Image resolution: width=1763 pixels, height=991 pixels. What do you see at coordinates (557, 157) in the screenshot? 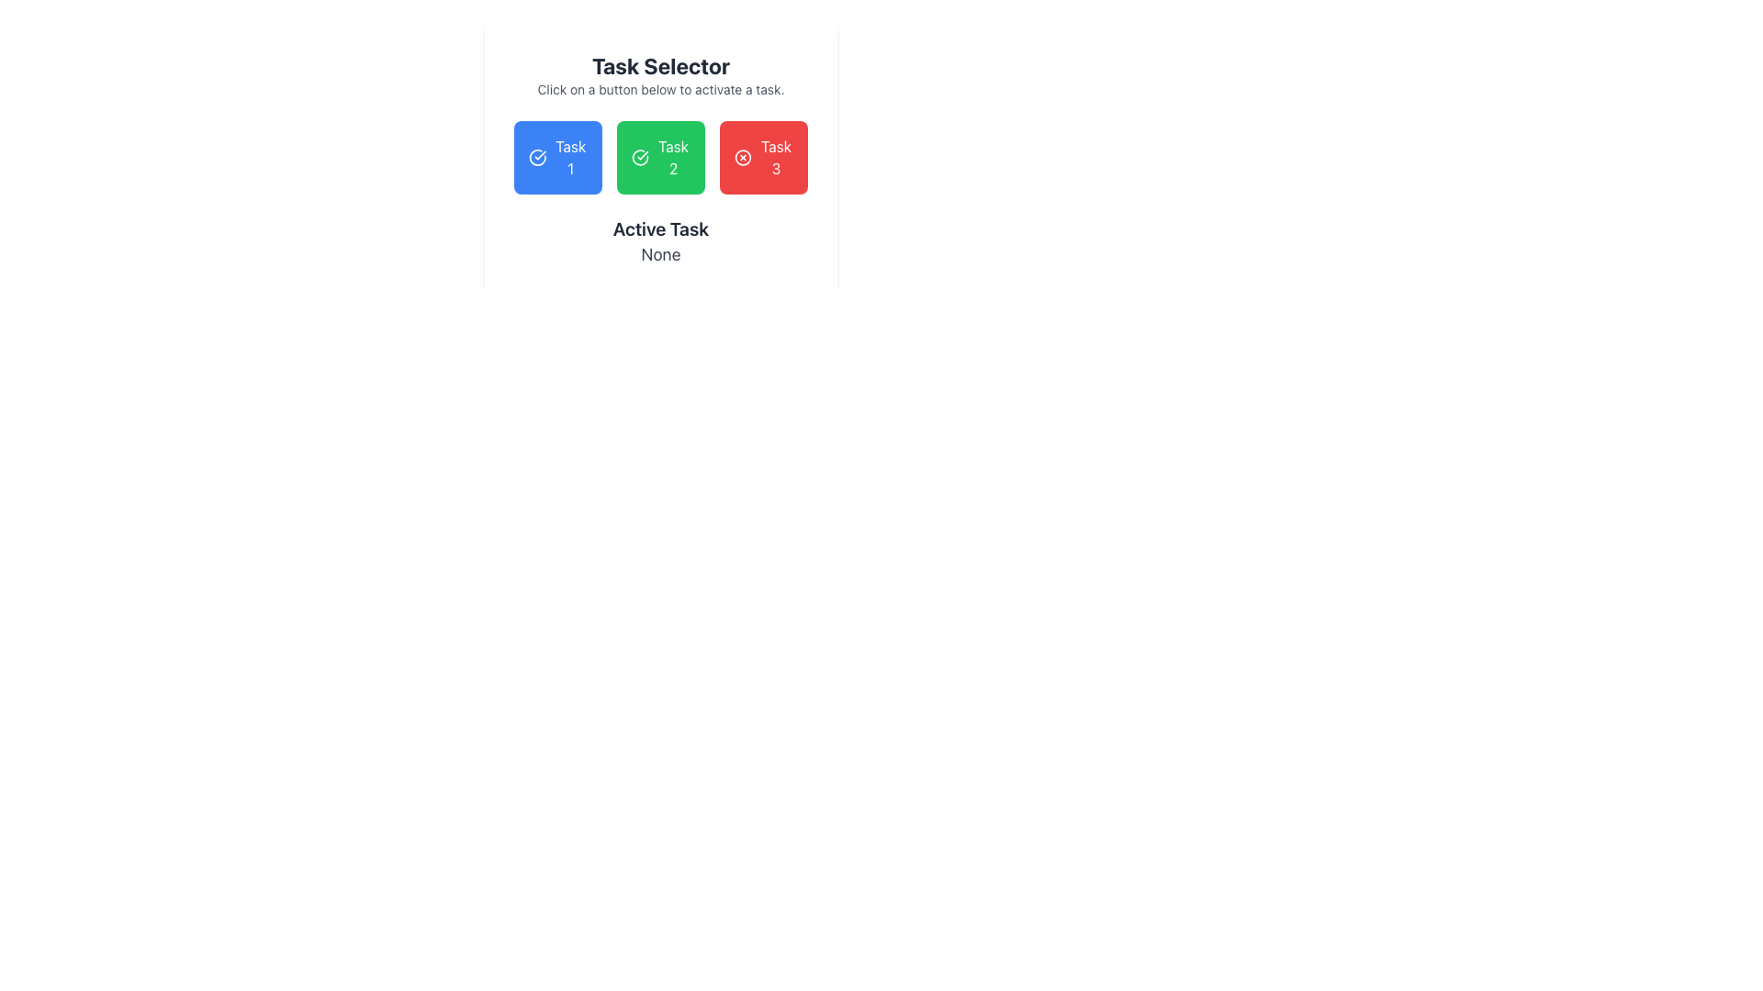
I see `the first button labeled 'Task 1'` at bounding box center [557, 157].